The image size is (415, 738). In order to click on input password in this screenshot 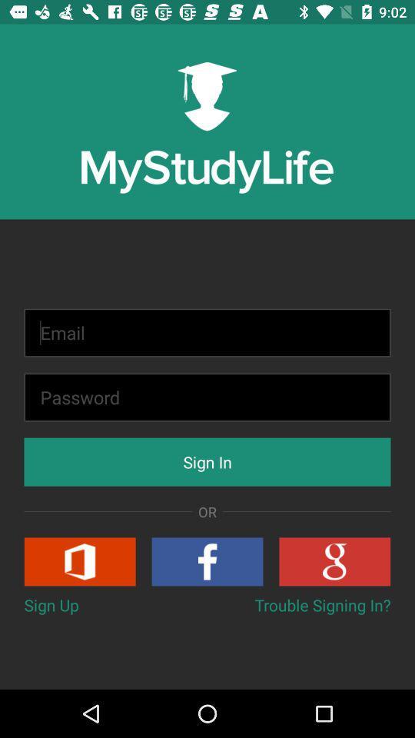, I will do `click(207, 397)`.